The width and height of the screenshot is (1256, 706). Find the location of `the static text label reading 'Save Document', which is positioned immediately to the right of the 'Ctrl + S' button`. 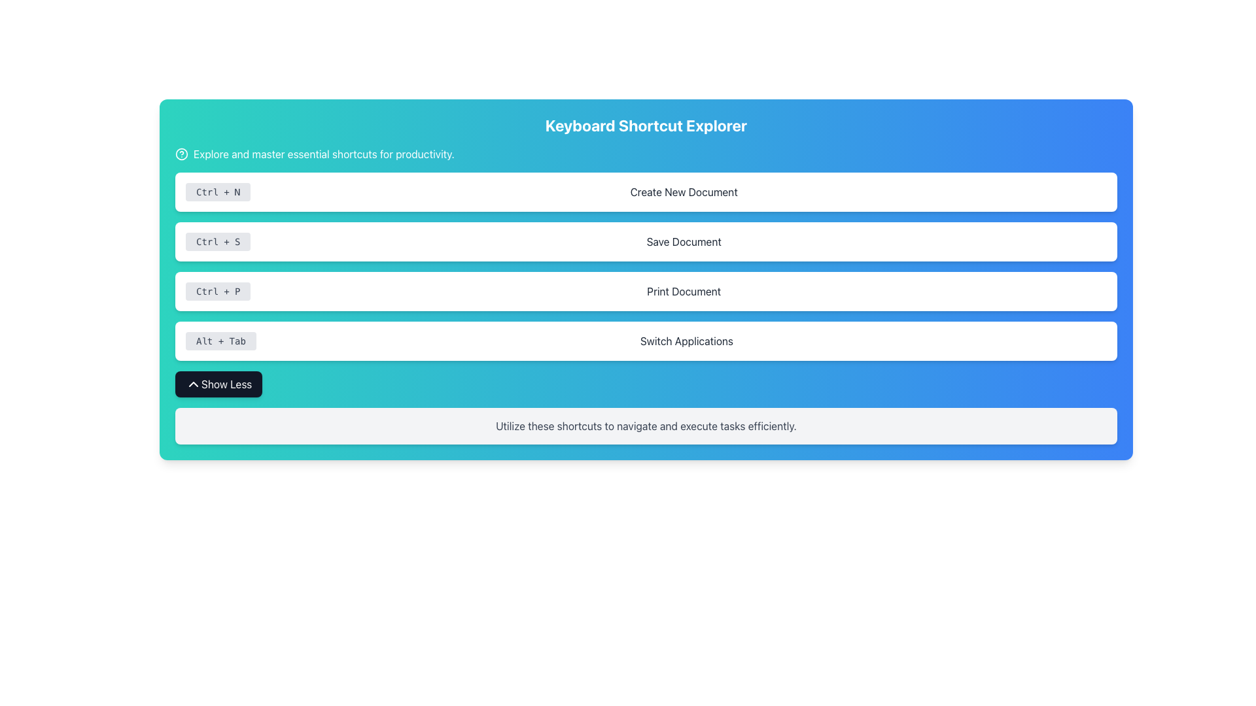

the static text label reading 'Save Document', which is positioned immediately to the right of the 'Ctrl + S' button is located at coordinates (683, 242).